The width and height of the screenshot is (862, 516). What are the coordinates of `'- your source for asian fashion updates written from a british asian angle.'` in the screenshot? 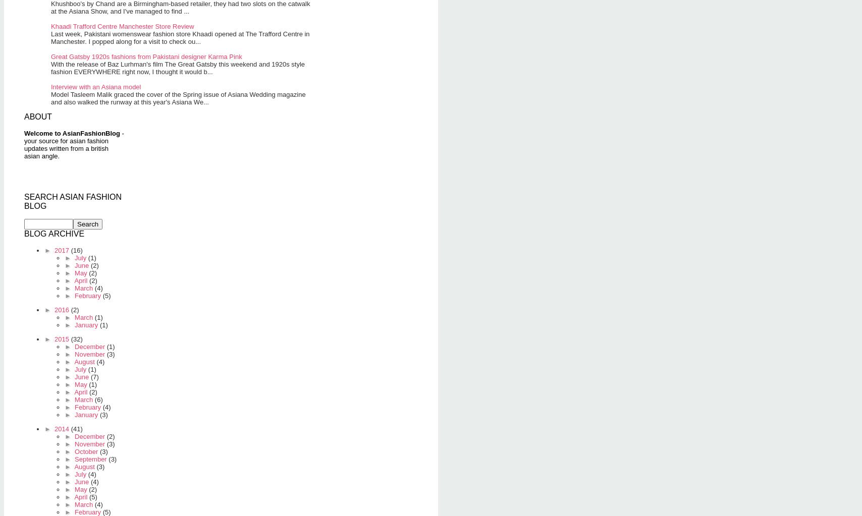 It's located at (74, 144).